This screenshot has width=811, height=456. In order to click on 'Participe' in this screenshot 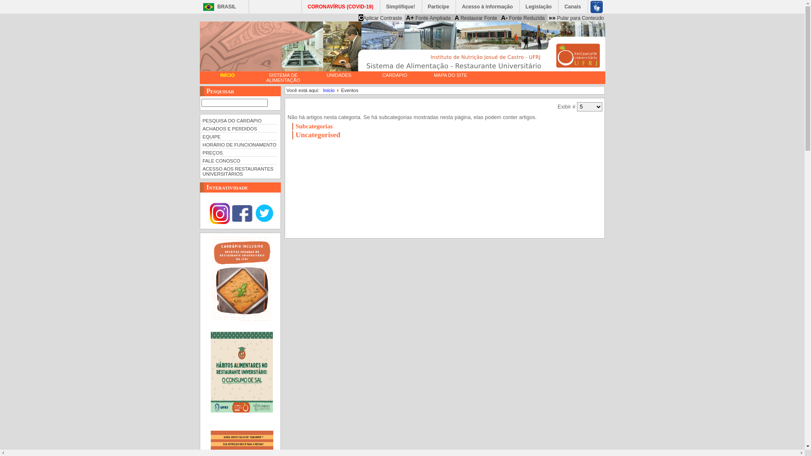, I will do `click(439, 6)`.